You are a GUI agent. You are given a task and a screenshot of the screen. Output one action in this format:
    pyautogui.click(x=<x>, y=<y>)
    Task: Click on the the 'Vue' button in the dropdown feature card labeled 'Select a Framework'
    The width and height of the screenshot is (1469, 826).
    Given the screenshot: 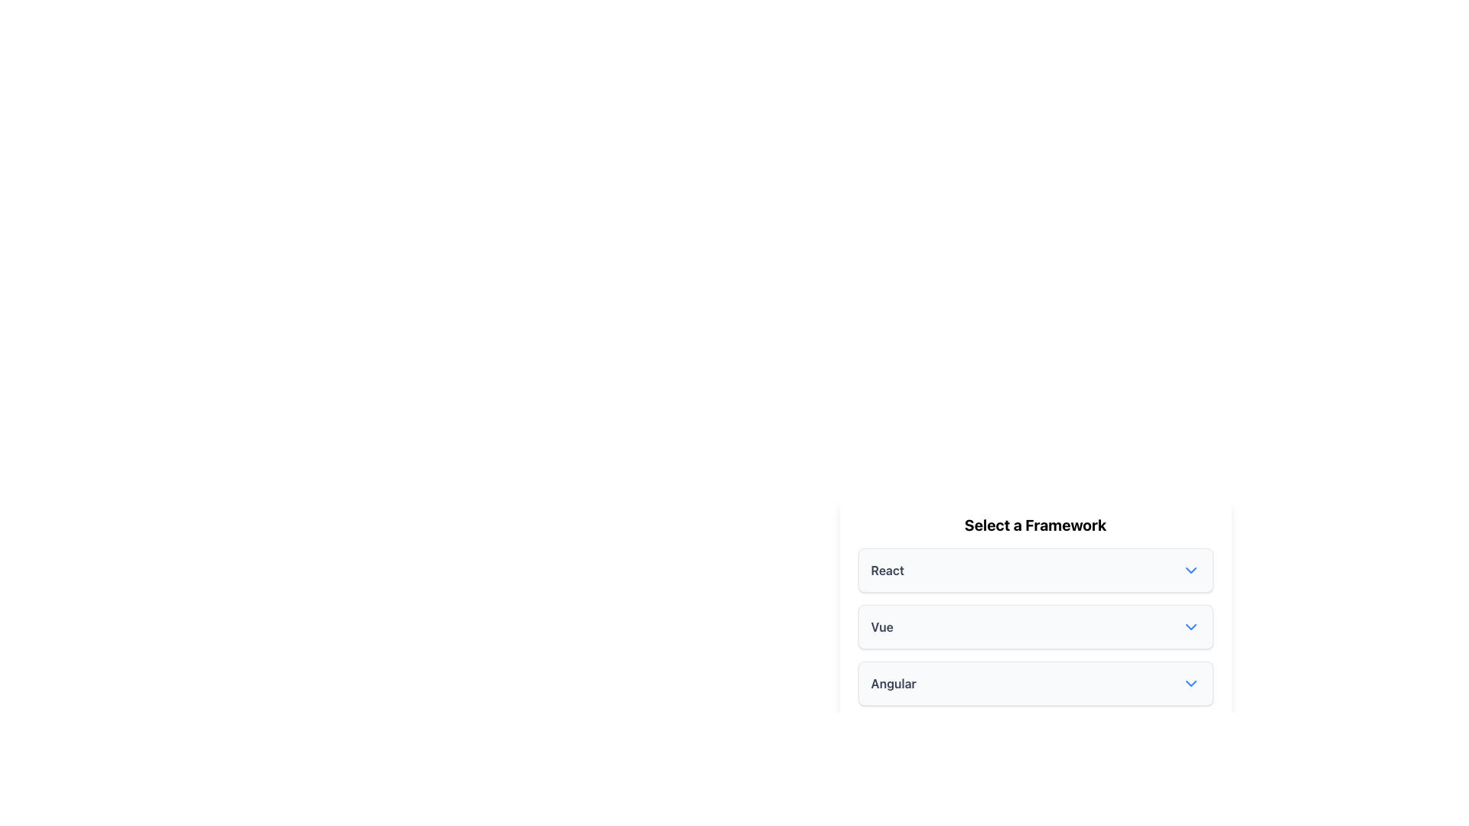 What is the action you would take?
    pyautogui.click(x=1035, y=638)
    